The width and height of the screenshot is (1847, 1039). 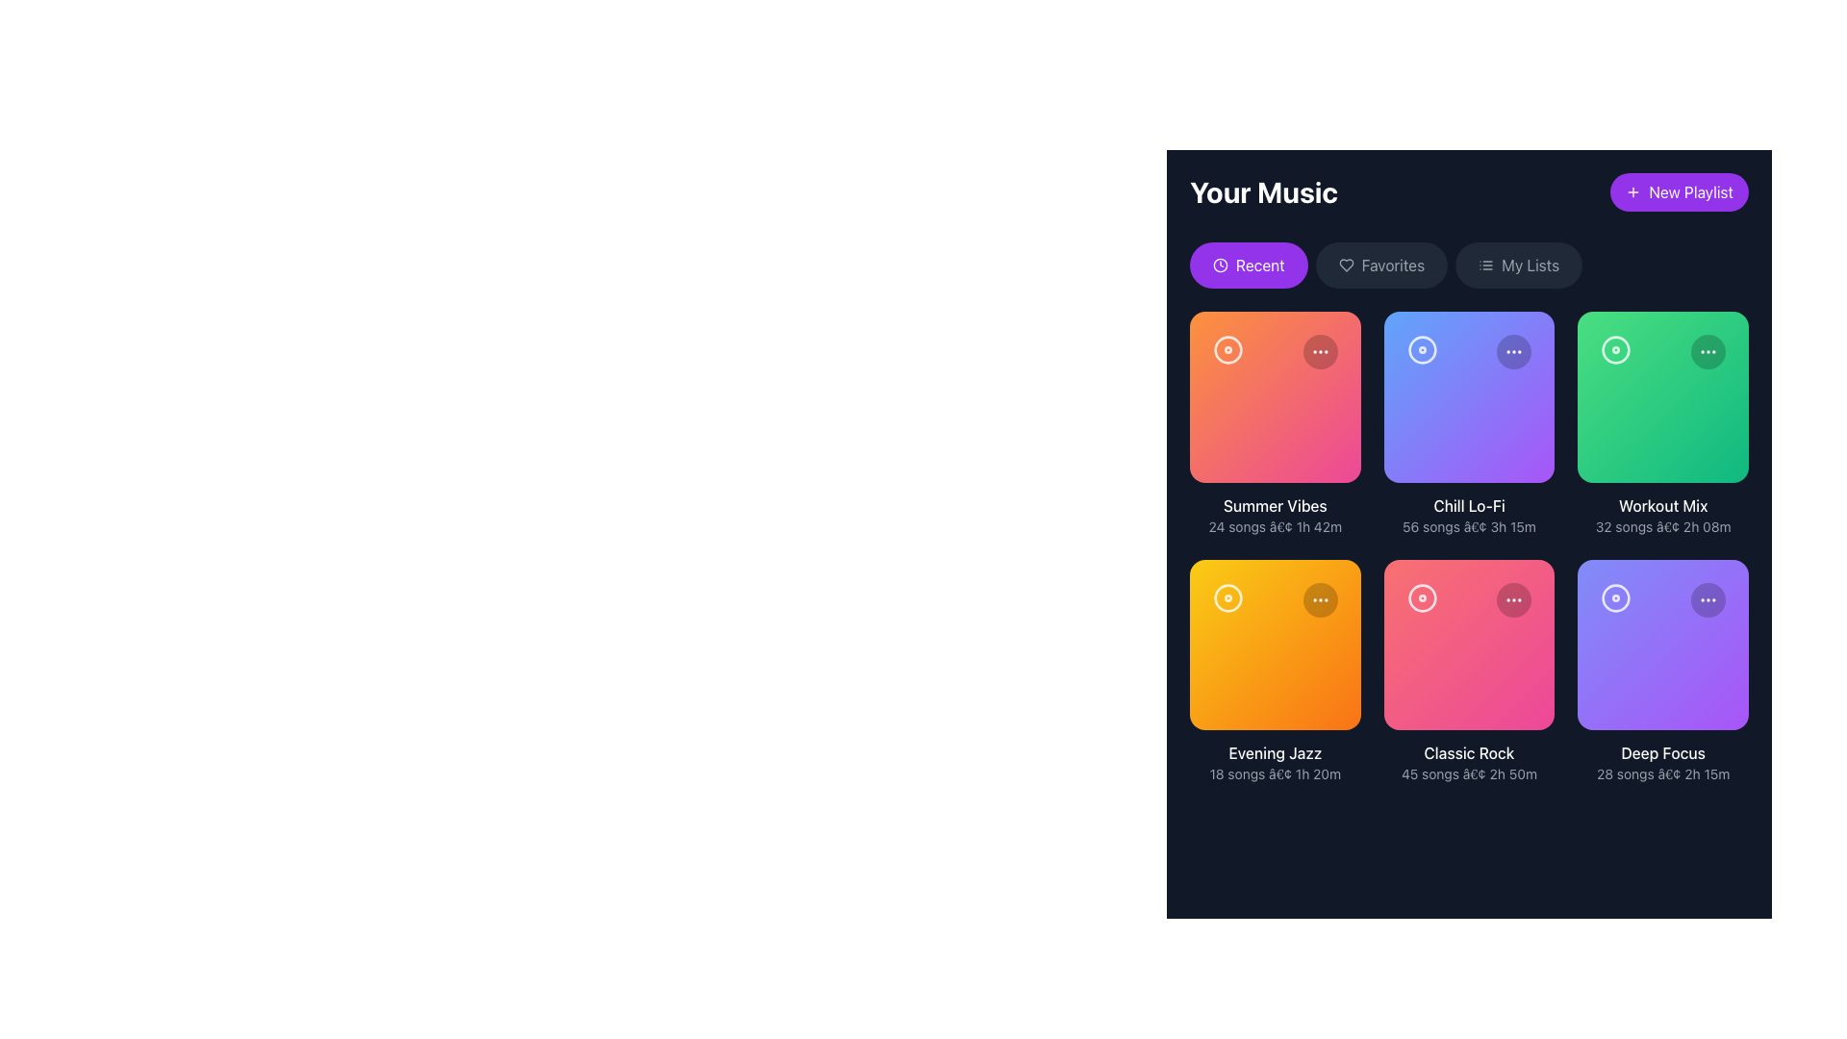 I want to click on the Text label that provides the name and details of a playlist, located at the bottom section of the last card in the first row of the grid layout, so click(x=1662, y=514).